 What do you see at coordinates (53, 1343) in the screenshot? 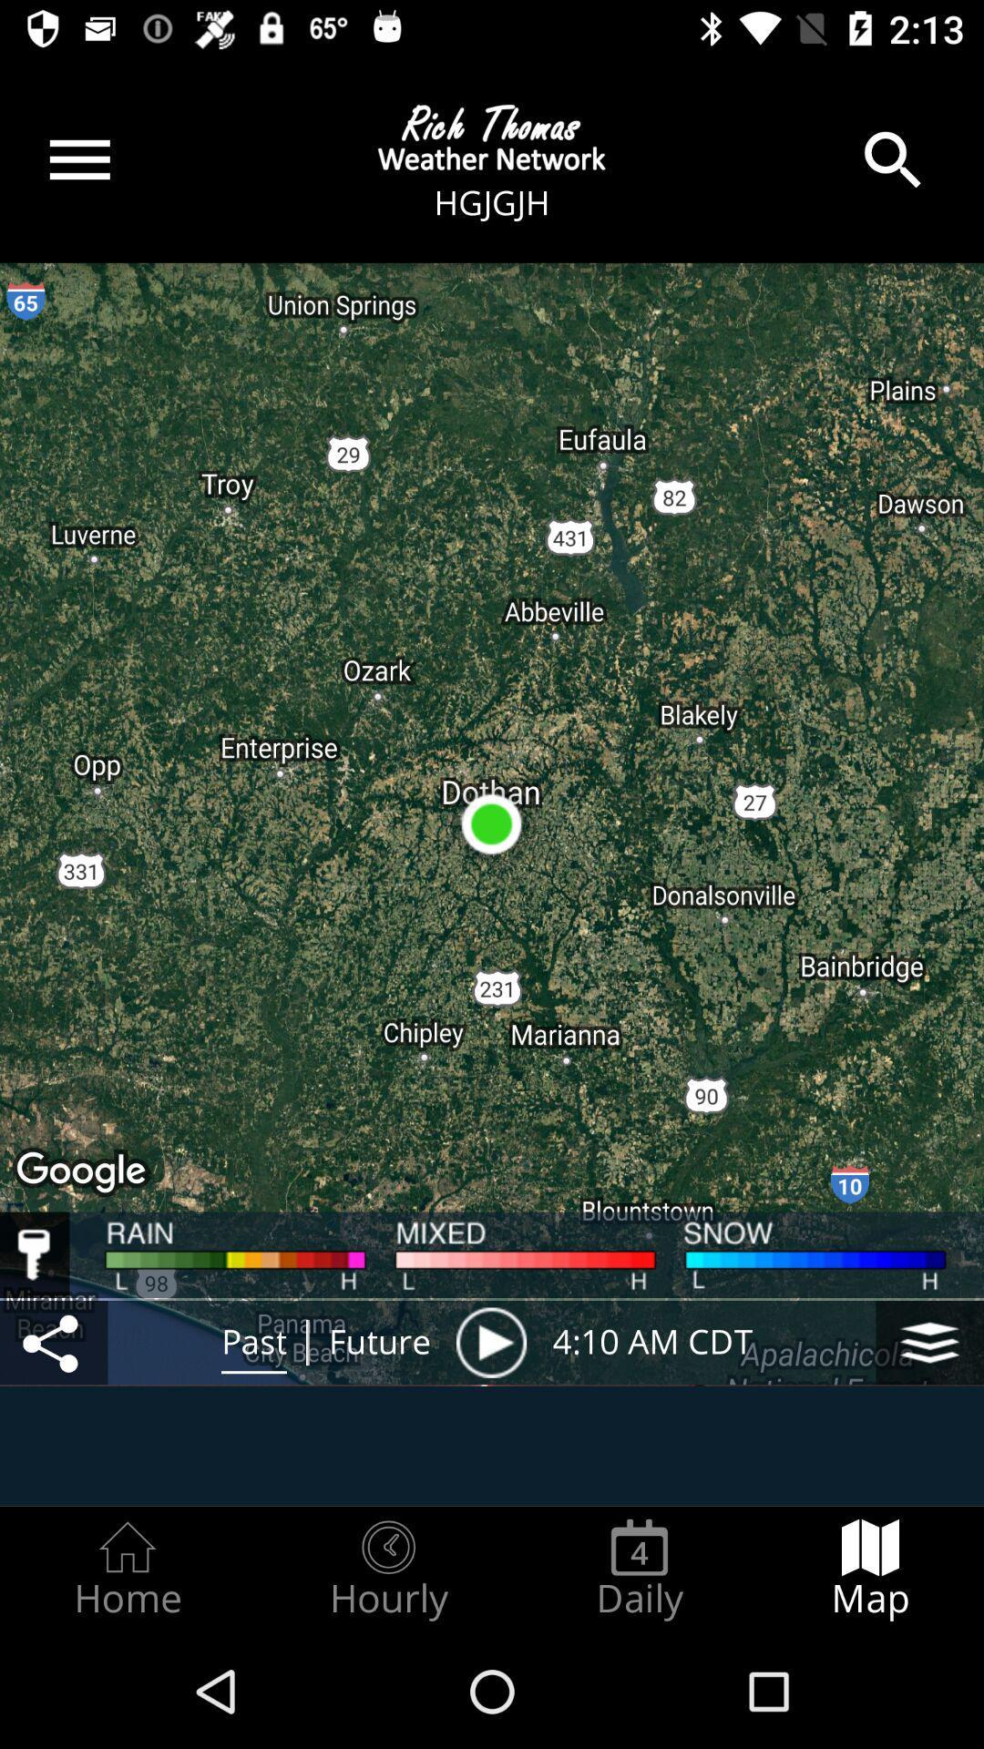
I see `the share icon` at bounding box center [53, 1343].